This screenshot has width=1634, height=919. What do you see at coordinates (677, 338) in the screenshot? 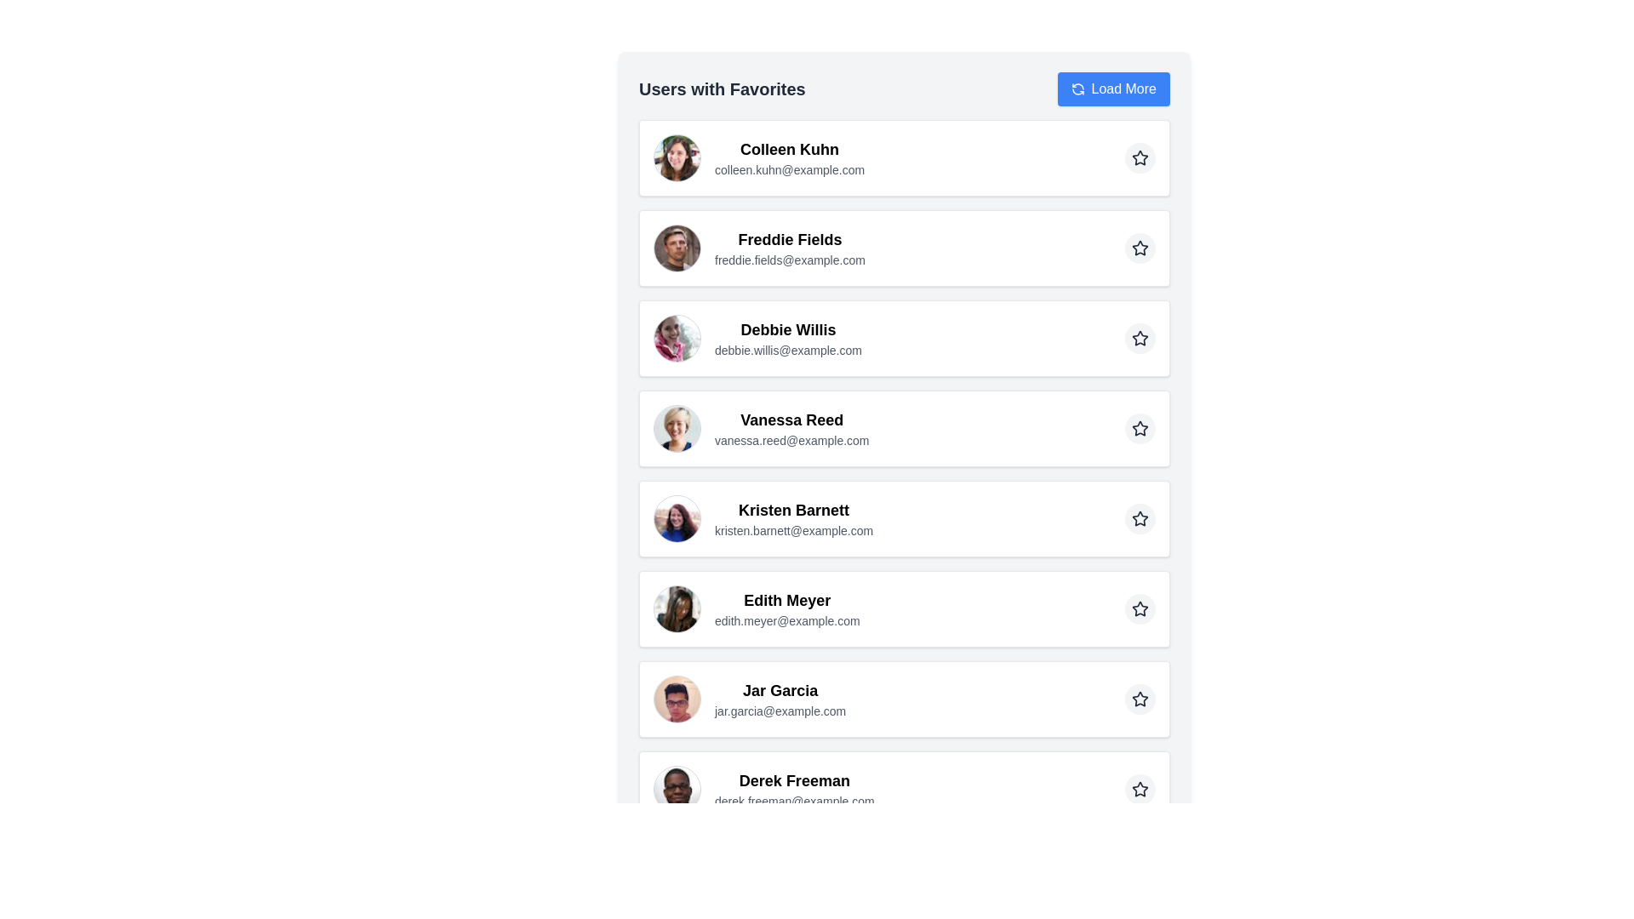
I see `the user avatar element located to the left of 'Debbie Willis' and 'debbie.willis@example.com' in the user list` at bounding box center [677, 338].